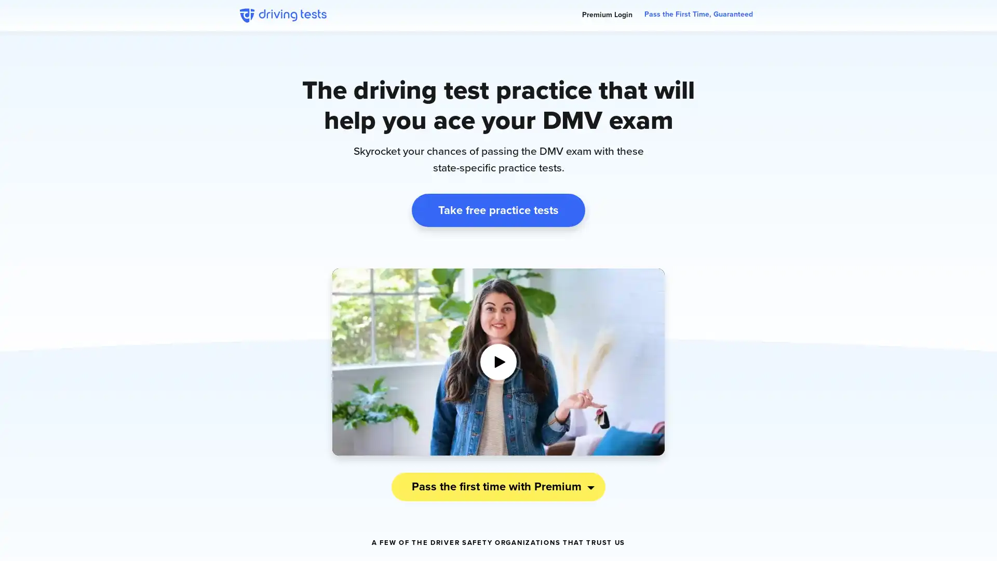  I want to click on Take free practice tests, so click(498, 210).